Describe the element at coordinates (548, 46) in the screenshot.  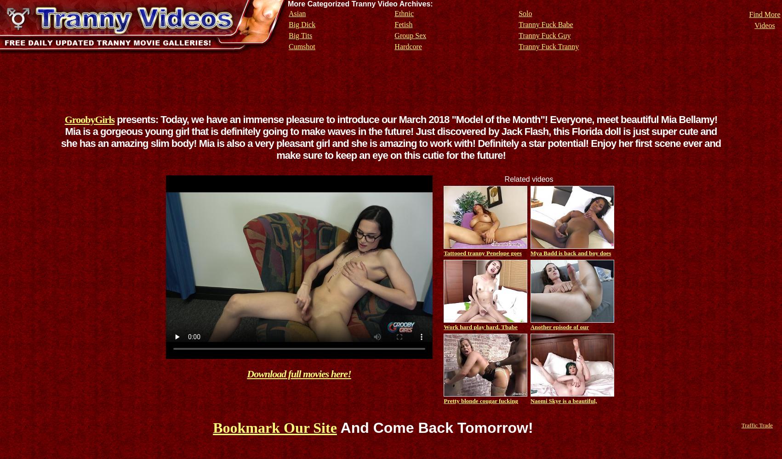
I see `'Tranny Fuck Tranny'` at that location.